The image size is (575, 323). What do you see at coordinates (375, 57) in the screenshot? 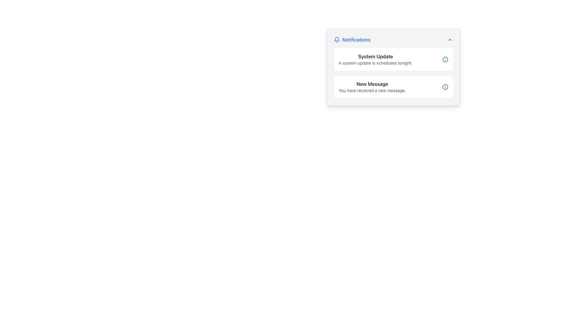
I see `the bold heading text label in the notification panel that indicates a system update scheduled tonight` at bounding box center [375, 57].